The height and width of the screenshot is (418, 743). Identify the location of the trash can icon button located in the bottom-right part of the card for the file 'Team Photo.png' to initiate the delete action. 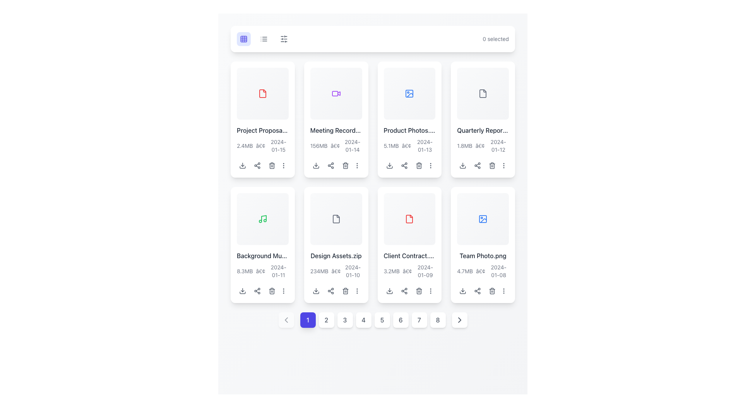
(492, 291).